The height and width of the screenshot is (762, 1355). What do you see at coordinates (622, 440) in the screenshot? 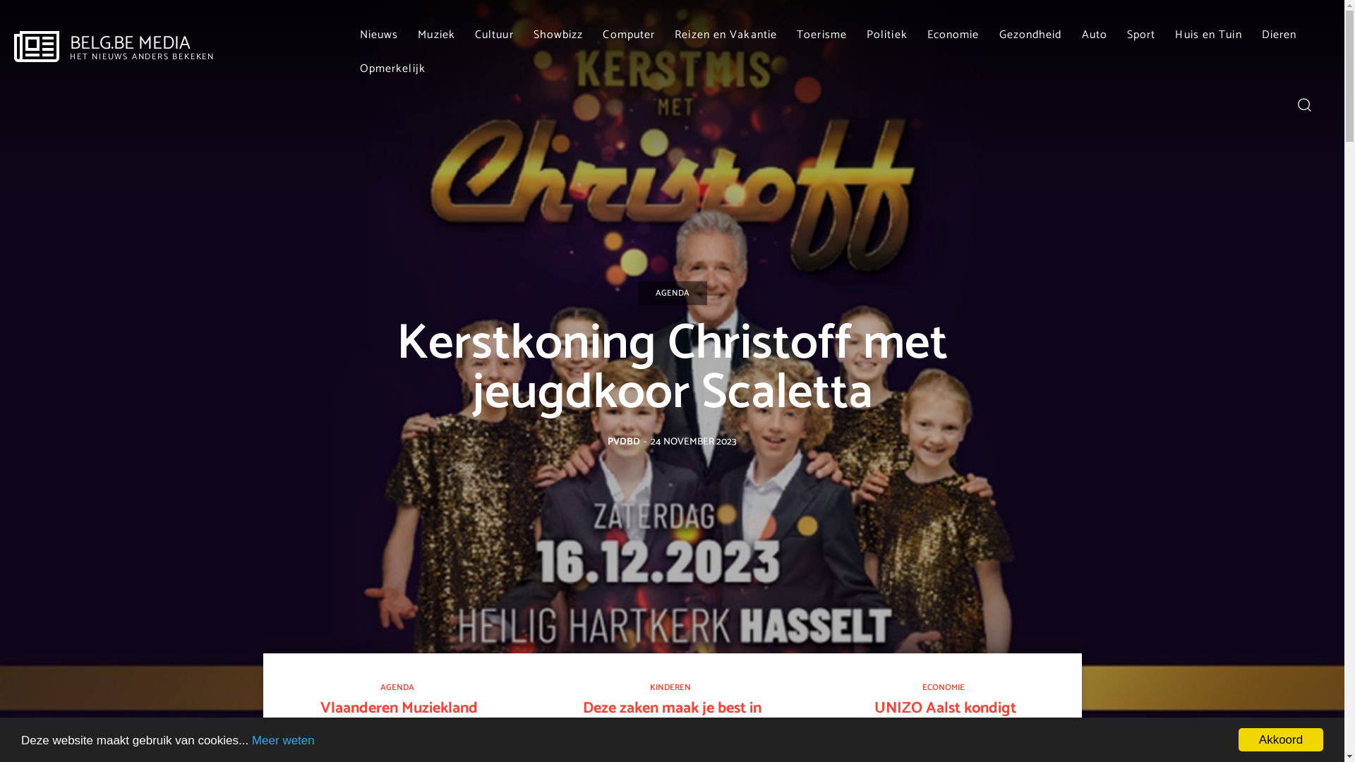
I see `'PVDBD'` at bounding box center [622, 440].